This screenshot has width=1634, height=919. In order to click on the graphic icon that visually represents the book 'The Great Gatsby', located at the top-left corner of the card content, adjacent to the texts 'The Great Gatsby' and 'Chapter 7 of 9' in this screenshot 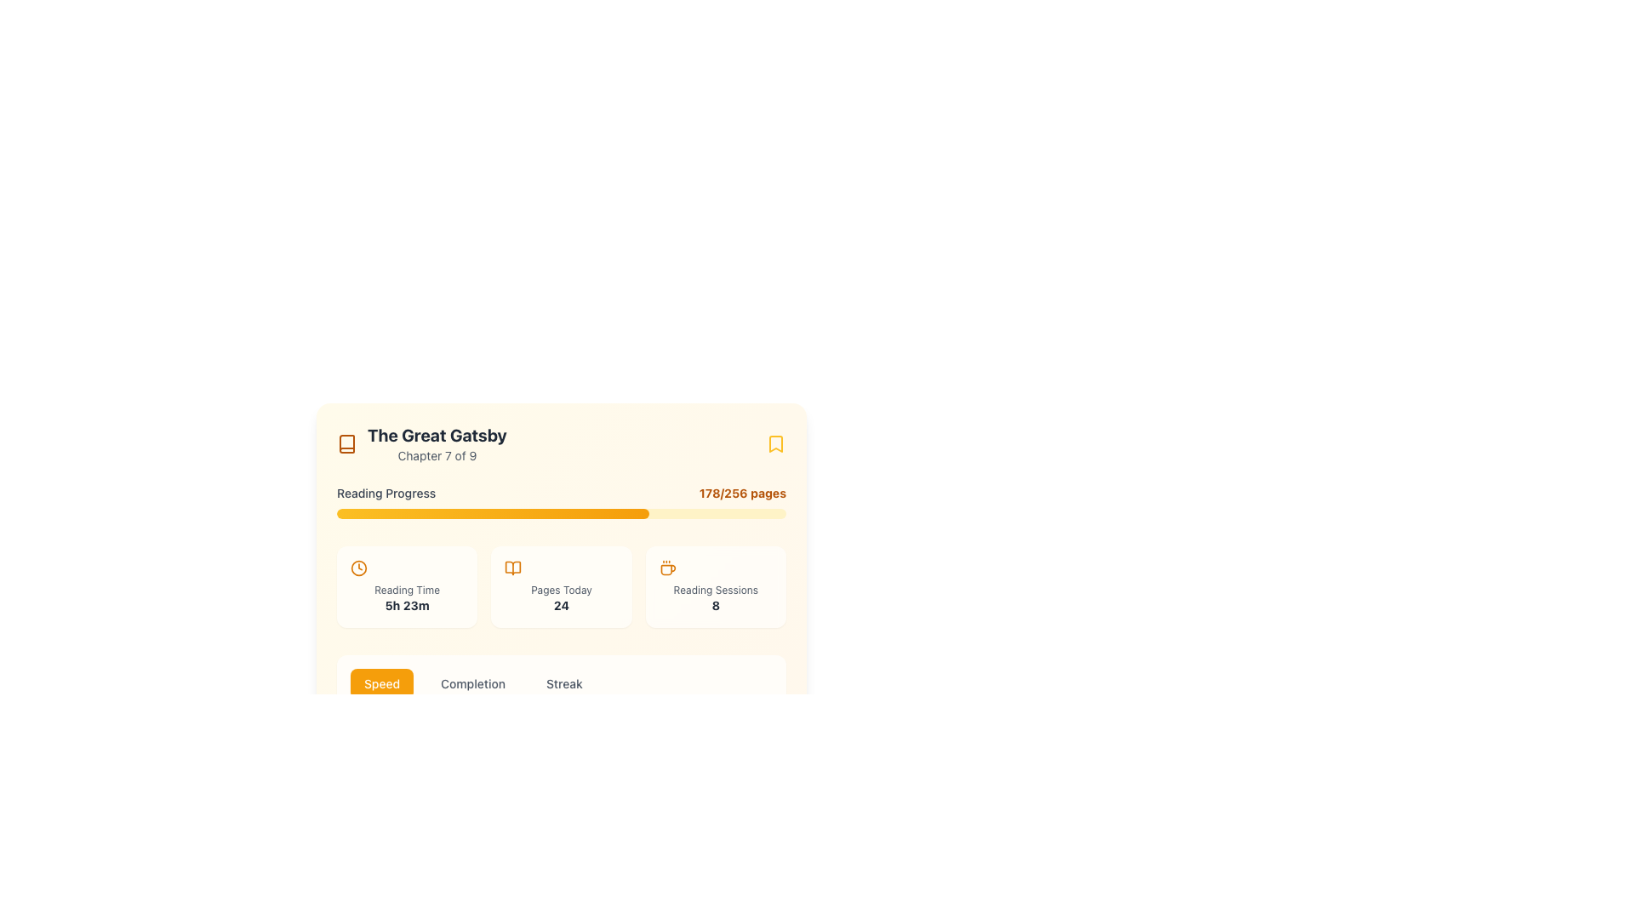, I will do `click(346, 442)`.